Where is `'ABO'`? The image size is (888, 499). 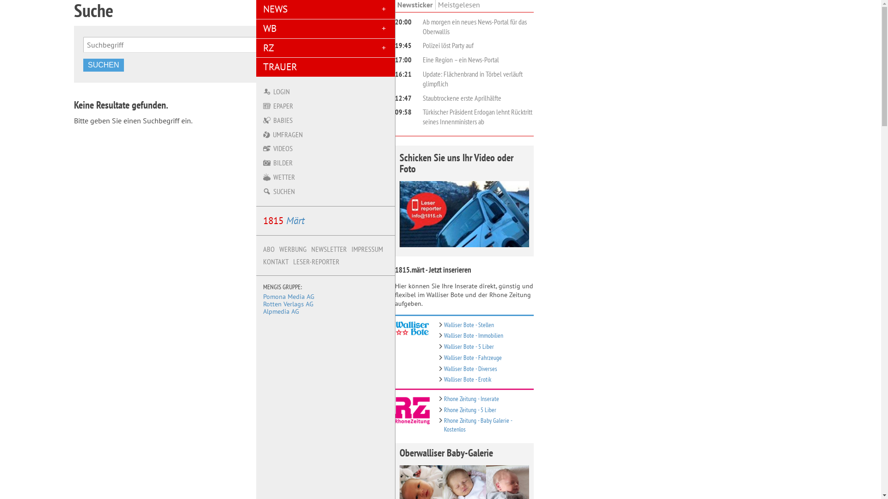 'ABO' is located at coordinates (268, 249).